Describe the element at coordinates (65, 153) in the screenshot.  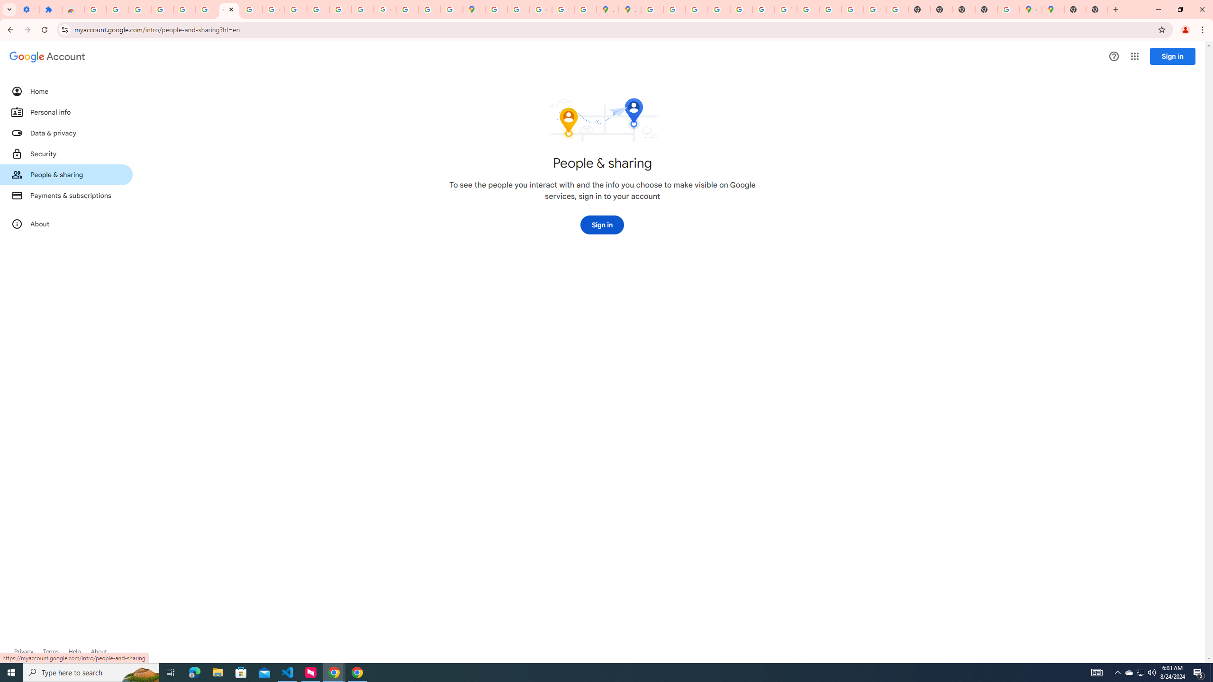
I see `'Security'` at that location.